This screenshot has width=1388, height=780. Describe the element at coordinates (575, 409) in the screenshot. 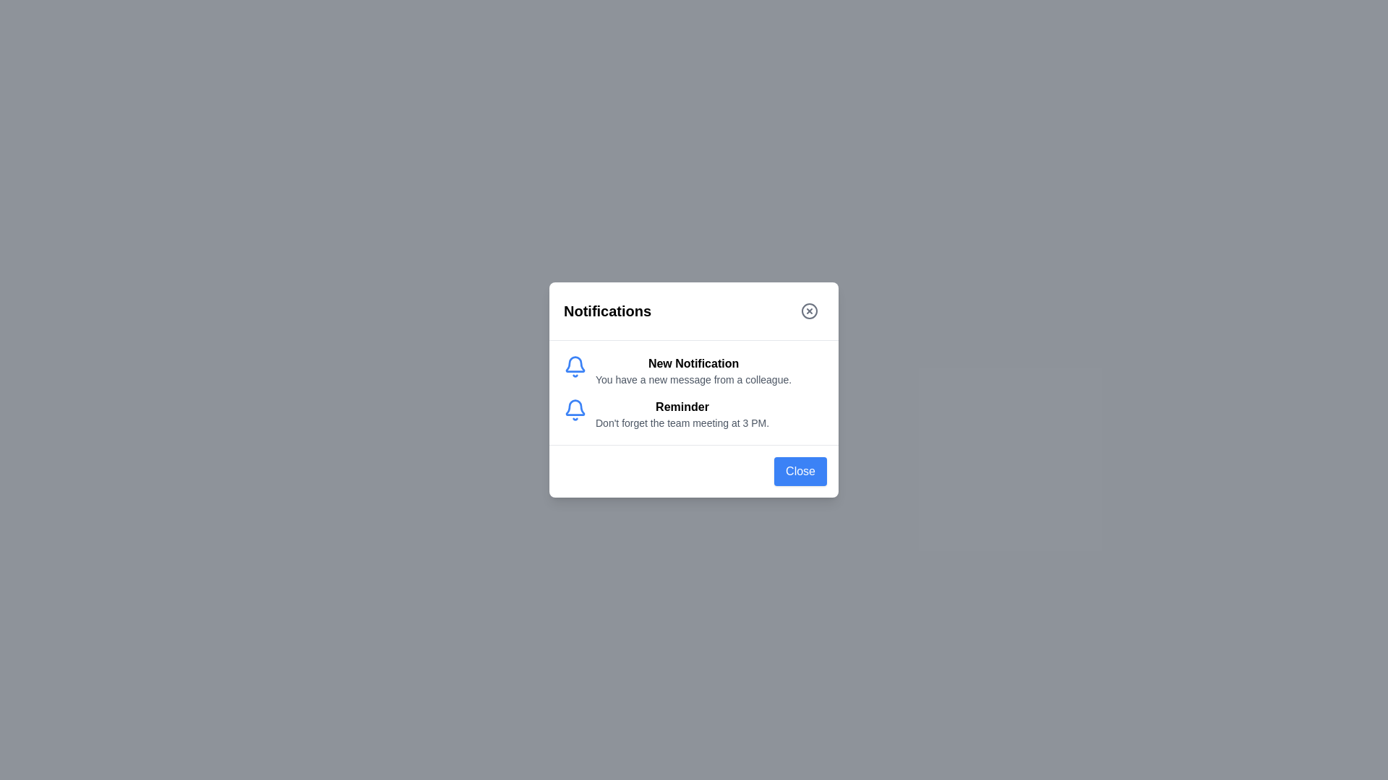

I see `the blue bell-shaped icon located in the notification card, immediately left of the 'New Notification' text` at that location.